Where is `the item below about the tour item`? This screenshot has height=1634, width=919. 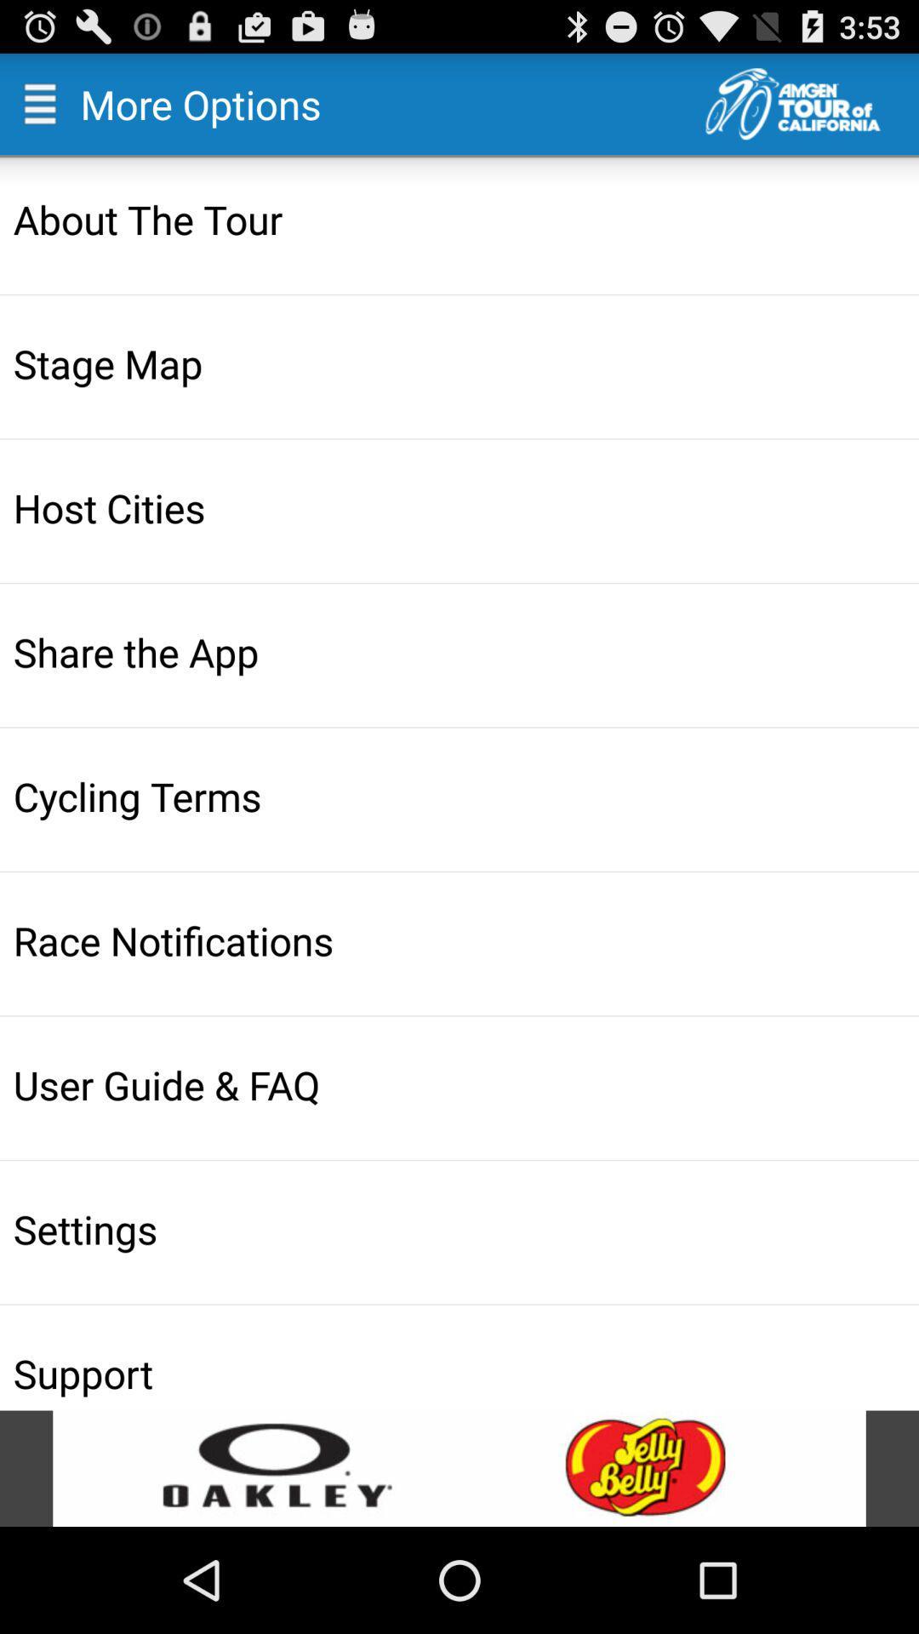
the item below about the tour item is located at coordinates (461, 363).